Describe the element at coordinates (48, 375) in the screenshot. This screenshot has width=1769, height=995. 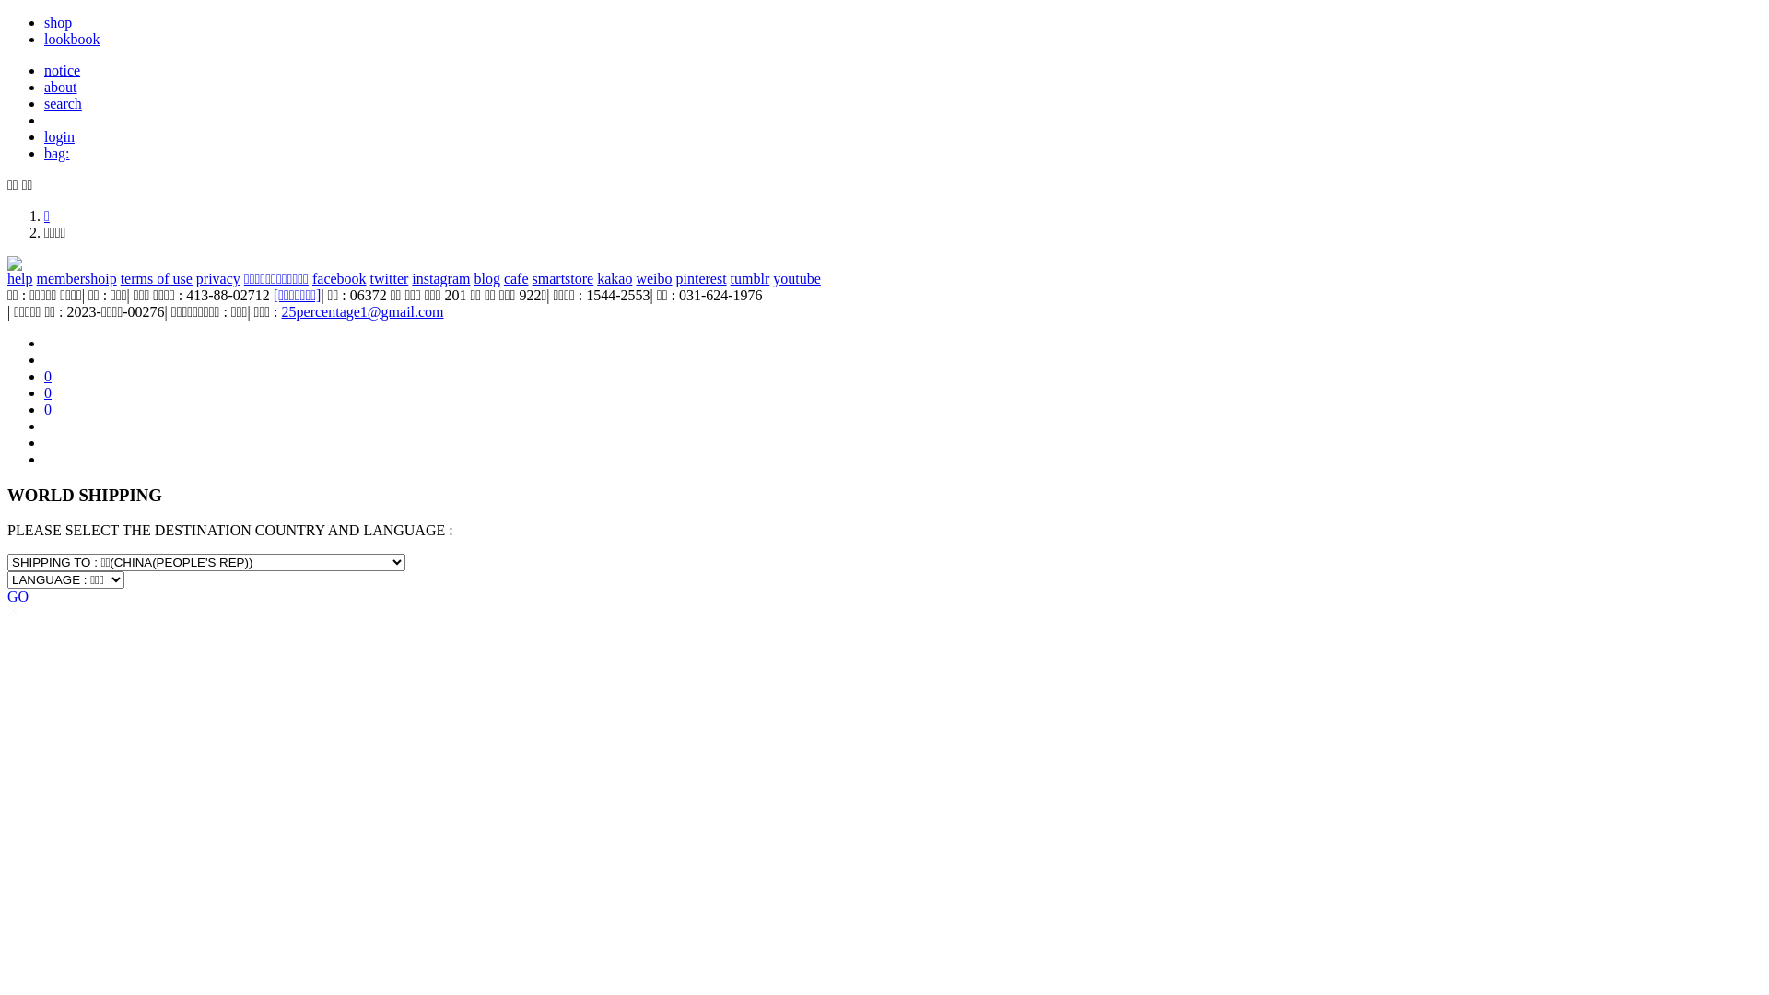
I see `'0'` at that location.